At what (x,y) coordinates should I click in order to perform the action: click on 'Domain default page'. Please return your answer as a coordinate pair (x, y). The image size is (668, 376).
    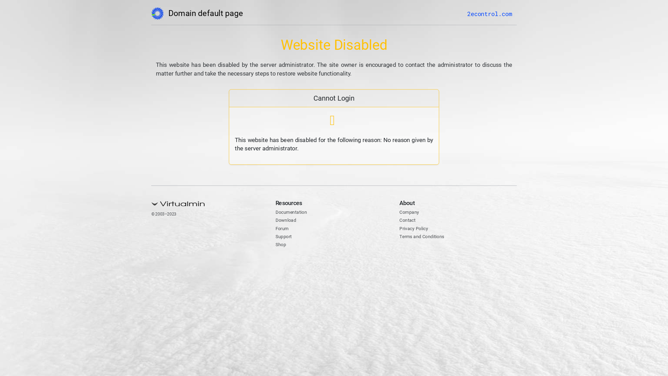
    Looking at the image, I should click on (206, 15).